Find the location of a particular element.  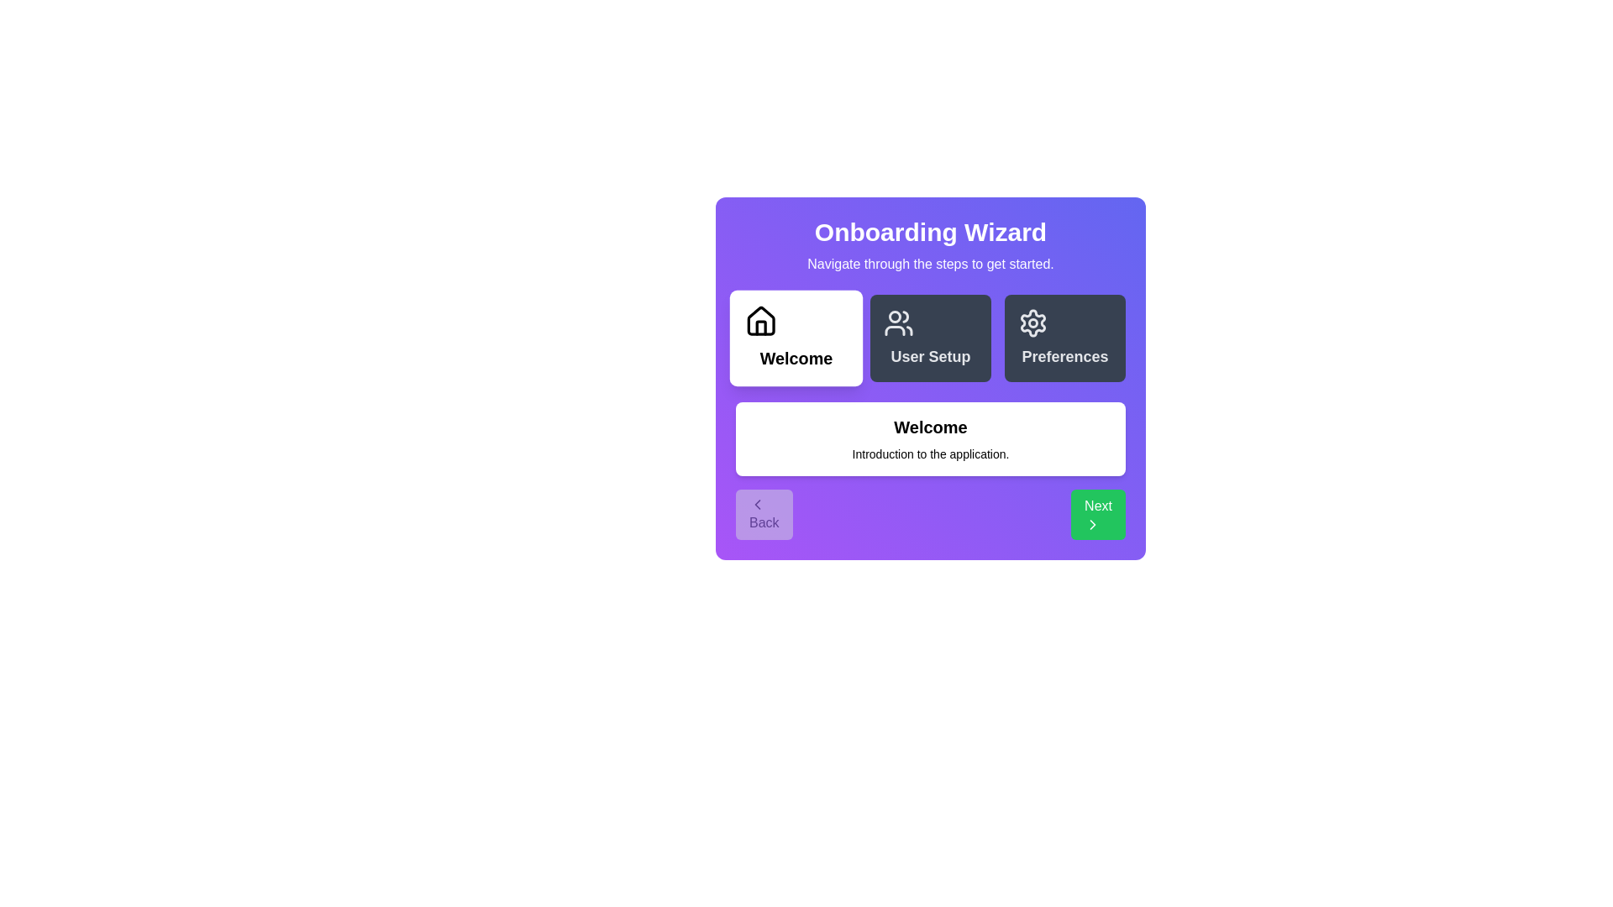

the step icon corresponding to User Setup to view its content is located at coordinates (930, 338).